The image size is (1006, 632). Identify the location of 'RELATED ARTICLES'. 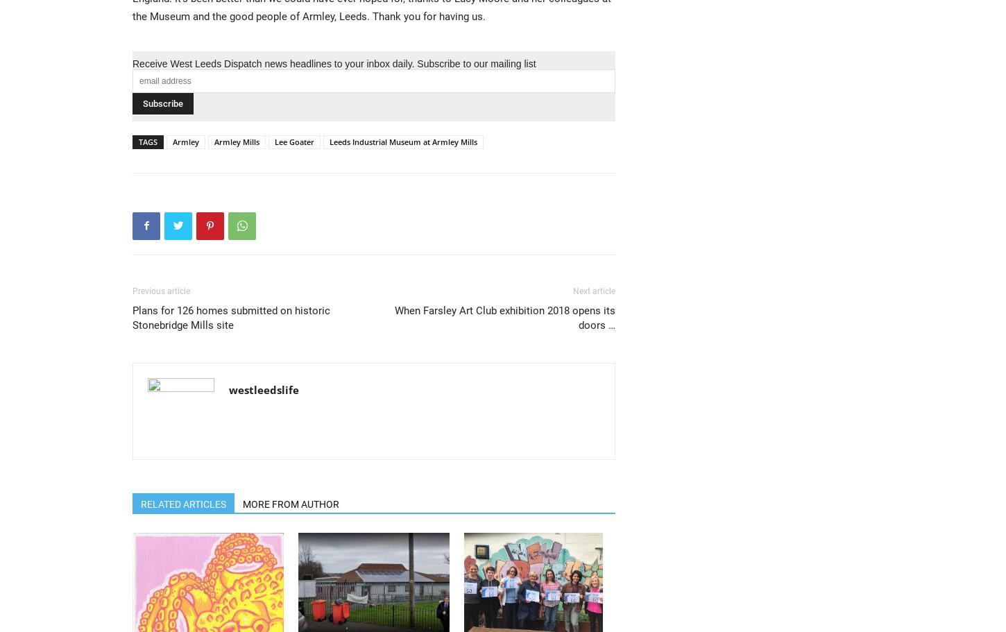
(183, 503).